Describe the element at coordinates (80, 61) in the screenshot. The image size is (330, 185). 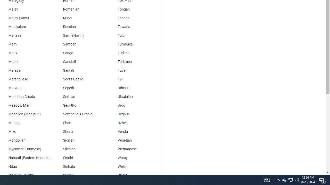
I see `'Sanskrit'` at that location.